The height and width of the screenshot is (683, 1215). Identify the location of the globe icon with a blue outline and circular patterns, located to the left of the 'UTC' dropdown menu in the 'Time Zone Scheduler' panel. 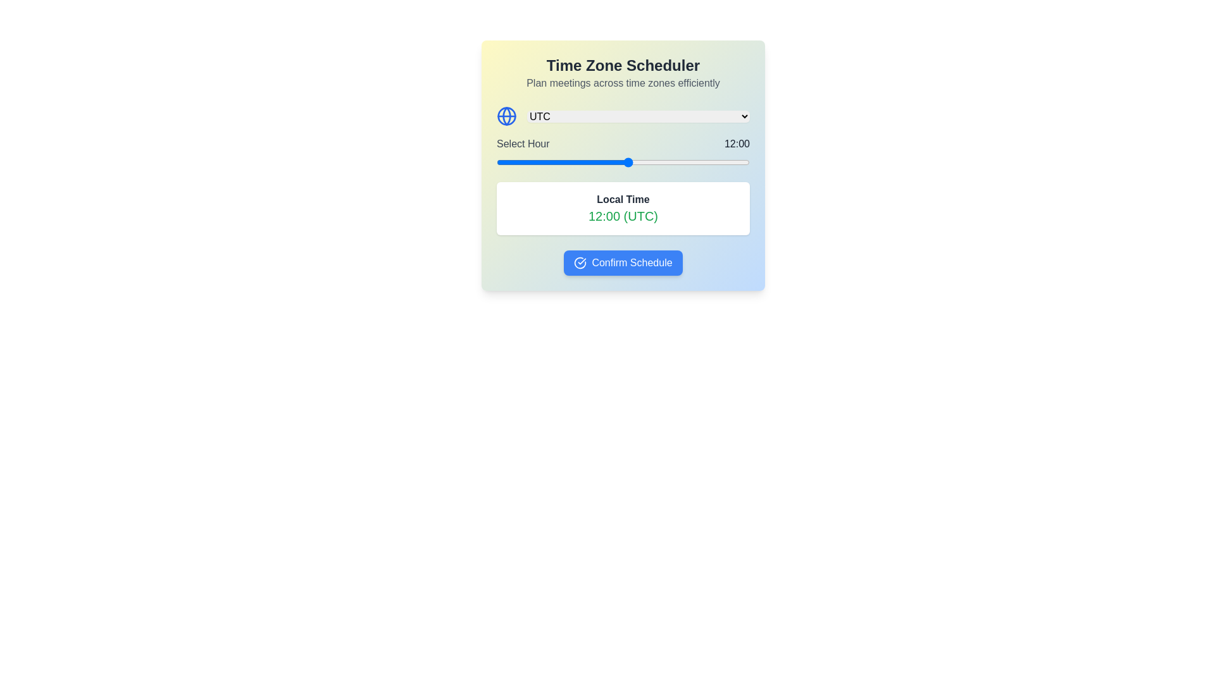
(507, 116).